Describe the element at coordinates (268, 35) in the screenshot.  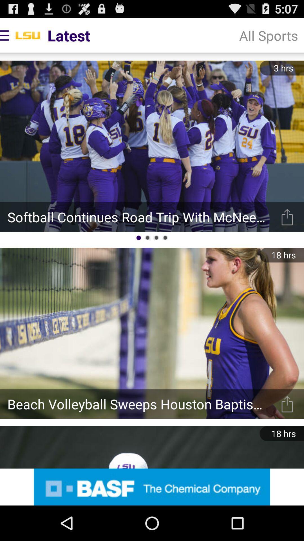
I see `all sports icon` at that location.